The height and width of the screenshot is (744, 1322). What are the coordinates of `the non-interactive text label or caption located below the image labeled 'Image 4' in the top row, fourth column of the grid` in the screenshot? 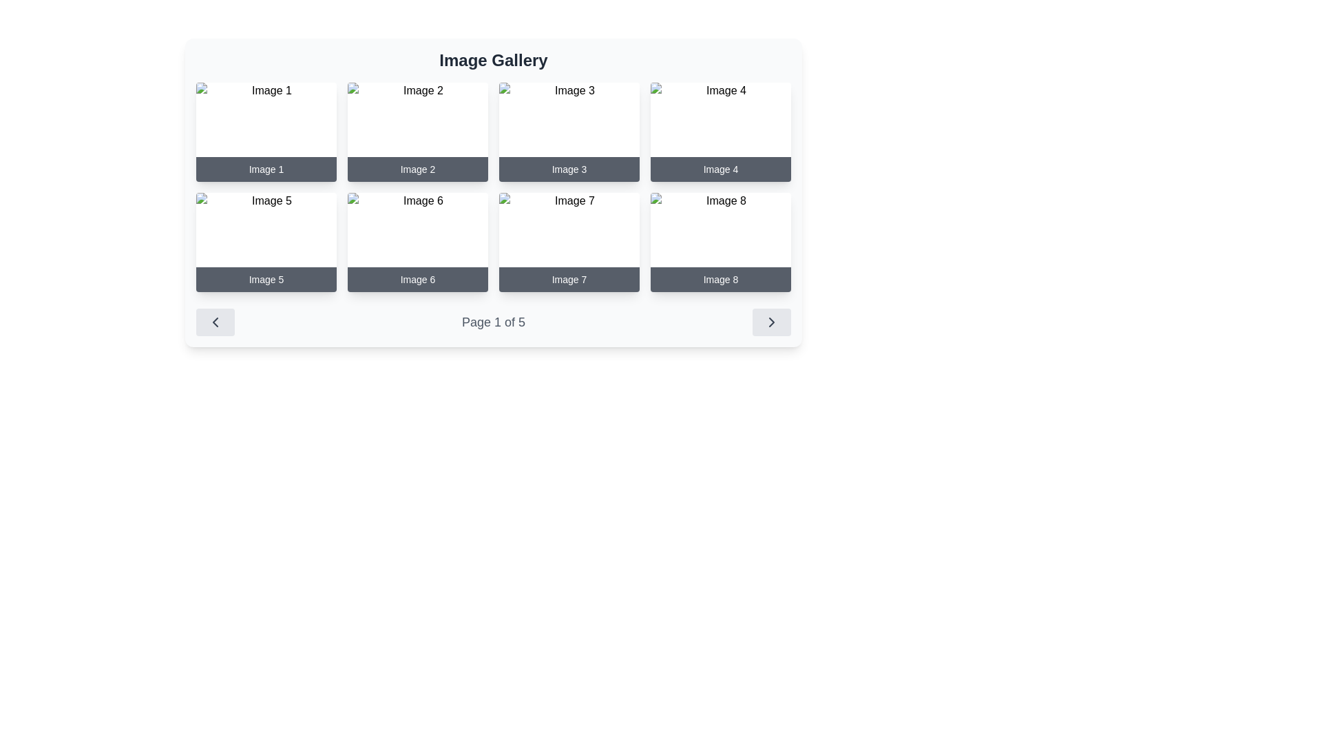 It's located at (720, 169).